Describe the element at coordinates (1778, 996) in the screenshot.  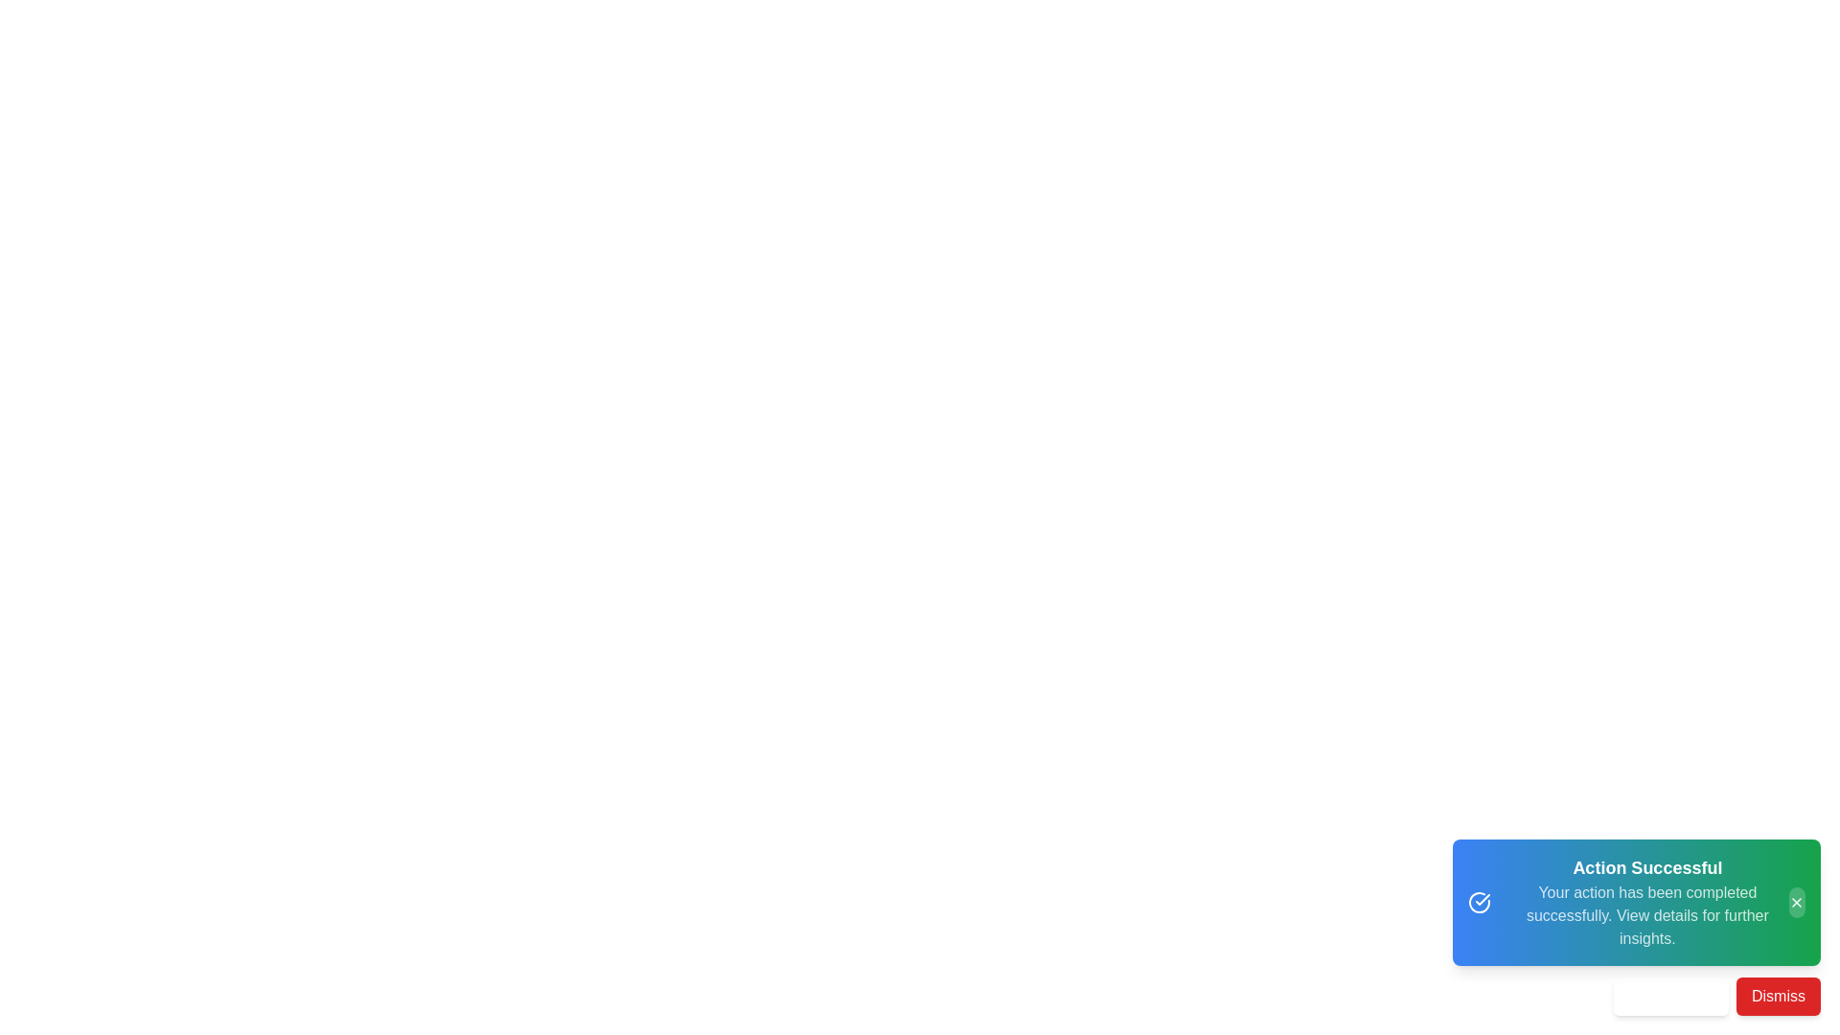
I see `the 'Dismiss' button to close the snackbar` at that location.